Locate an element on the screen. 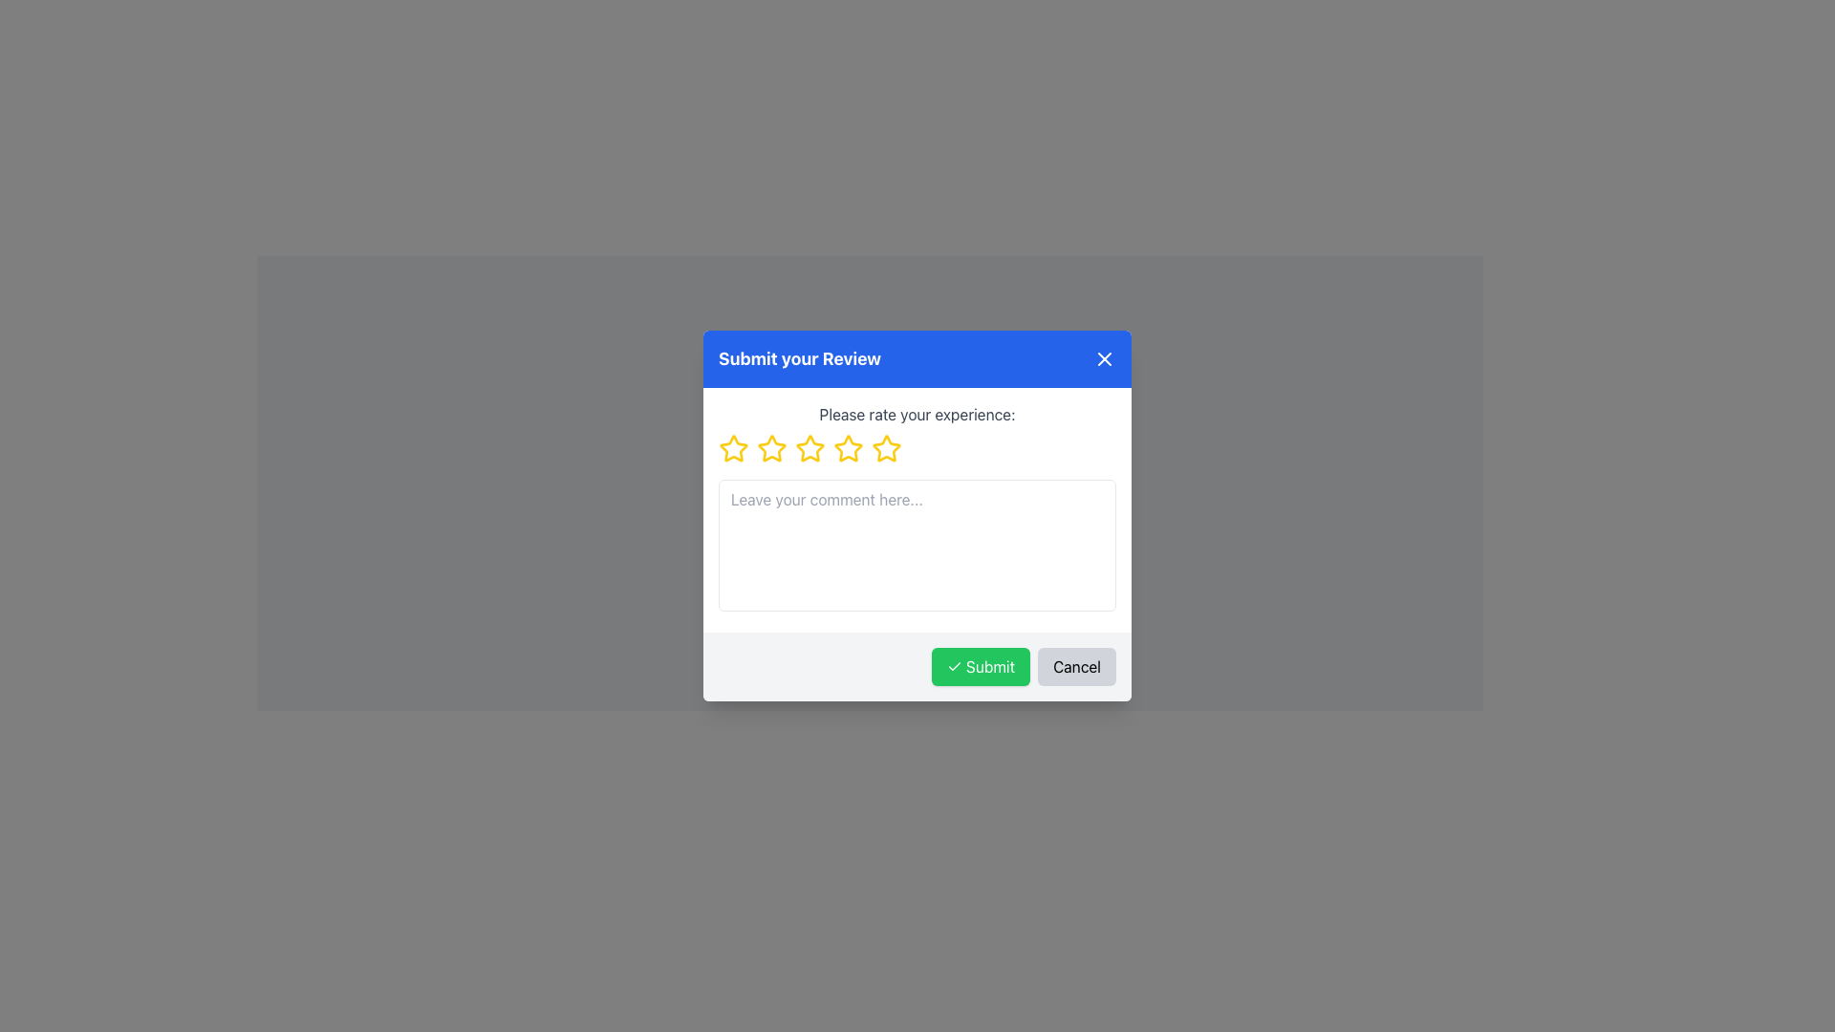 The width and height of the screenshot is (1835, 1032). the first star icon in the rating system located in the modal dialog box is located at coordinates (732, 448).